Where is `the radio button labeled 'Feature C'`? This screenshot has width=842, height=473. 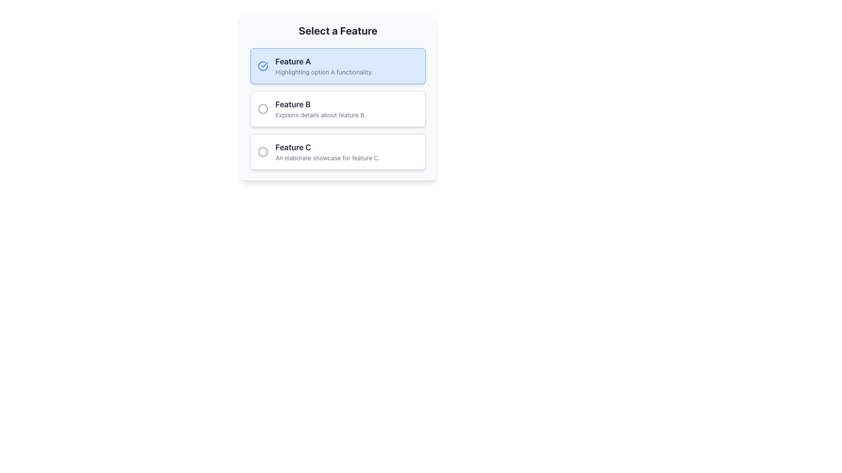
the radio button labeled 'Feature C' is located at coordinates (338, 152).